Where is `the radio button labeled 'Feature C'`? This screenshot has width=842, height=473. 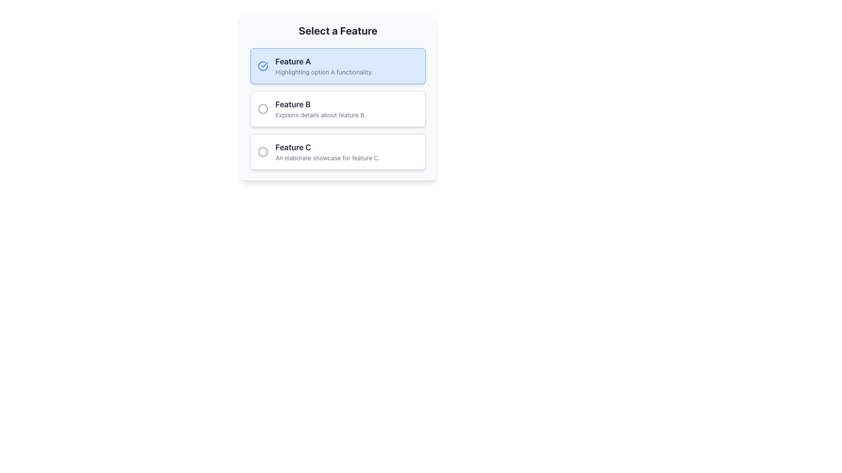
the radio button labeled 'Feature C' is located at coordinates (338, 152).